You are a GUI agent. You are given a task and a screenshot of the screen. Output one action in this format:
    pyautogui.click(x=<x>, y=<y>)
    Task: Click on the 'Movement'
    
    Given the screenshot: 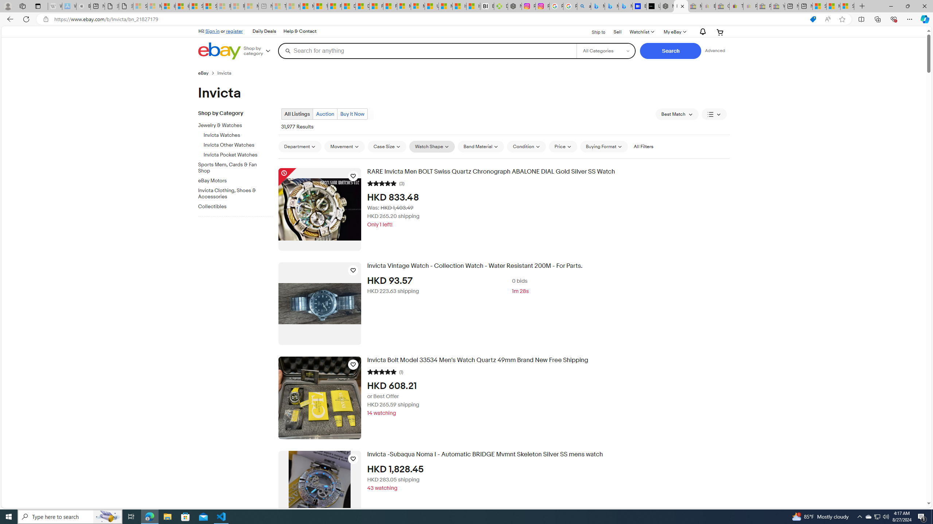 What is the action you would take?
    pyautogui.click(x=344, y=146)
    